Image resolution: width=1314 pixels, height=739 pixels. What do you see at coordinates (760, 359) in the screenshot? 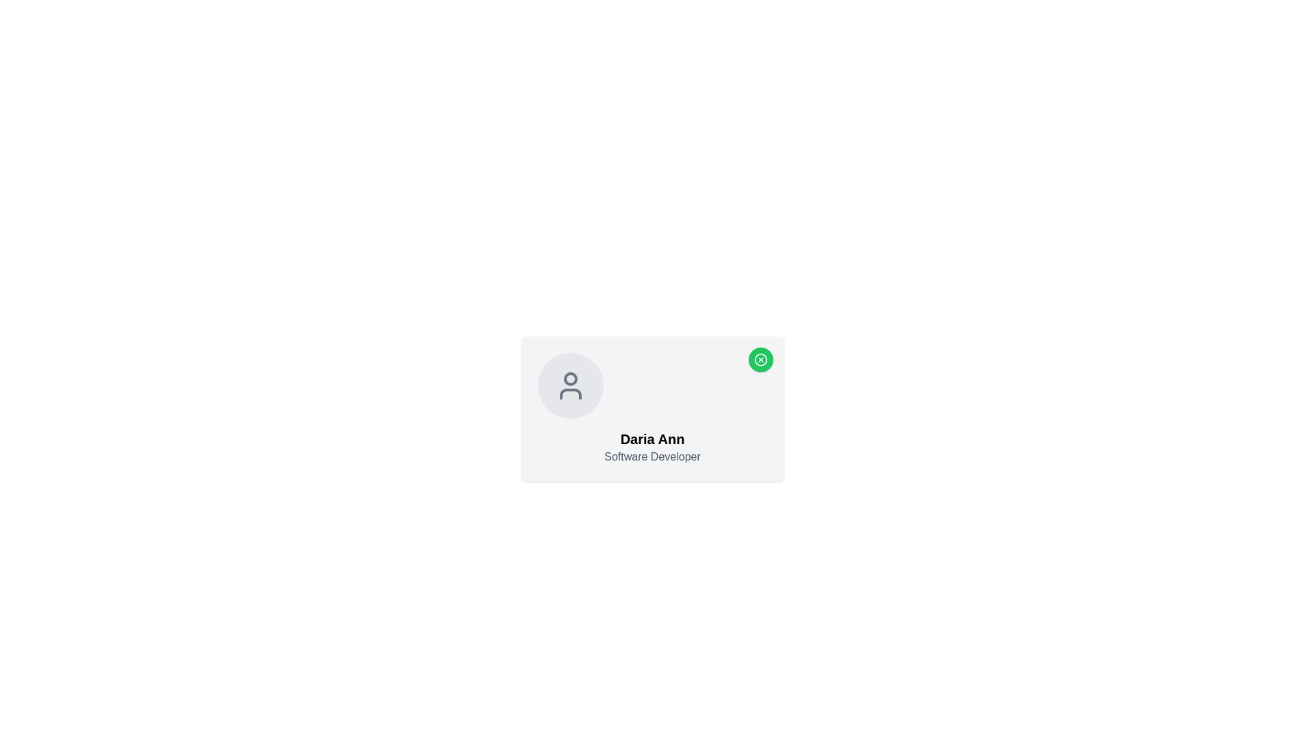
I see `the SVG circle graphic that represents a part of a close or dismiss icon, located in the upper-right portion of a card-like component` at bounding box center [760, 359].